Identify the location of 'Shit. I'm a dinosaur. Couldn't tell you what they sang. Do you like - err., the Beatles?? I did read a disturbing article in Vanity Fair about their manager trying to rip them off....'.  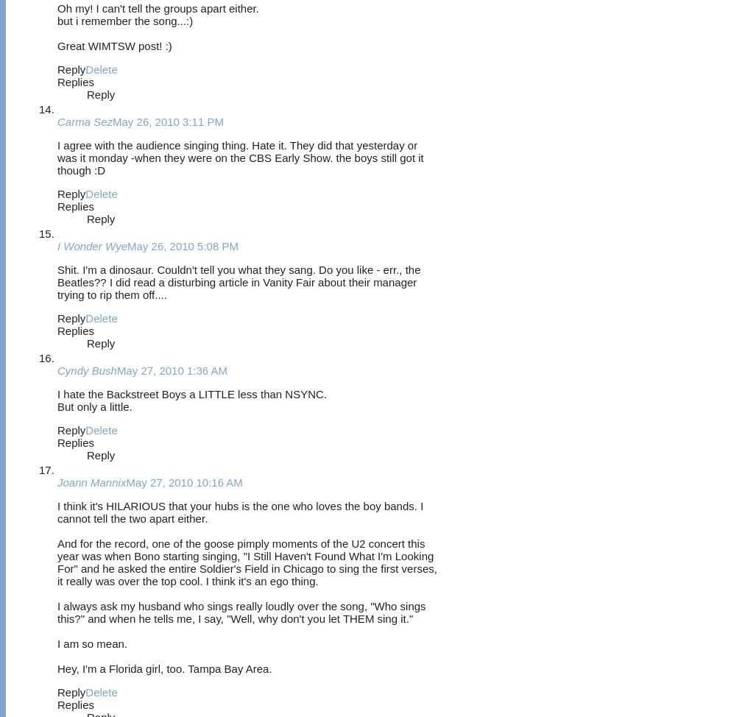
(239, 281).